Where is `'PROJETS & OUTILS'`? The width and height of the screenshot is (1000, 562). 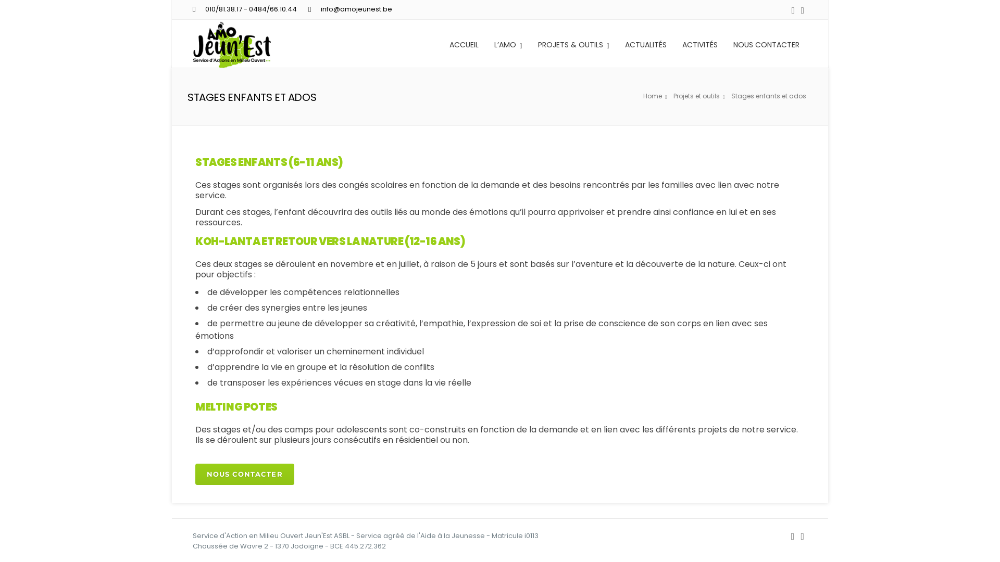
'PROJETS & OUTILS' is located at coordinates (573, 43).